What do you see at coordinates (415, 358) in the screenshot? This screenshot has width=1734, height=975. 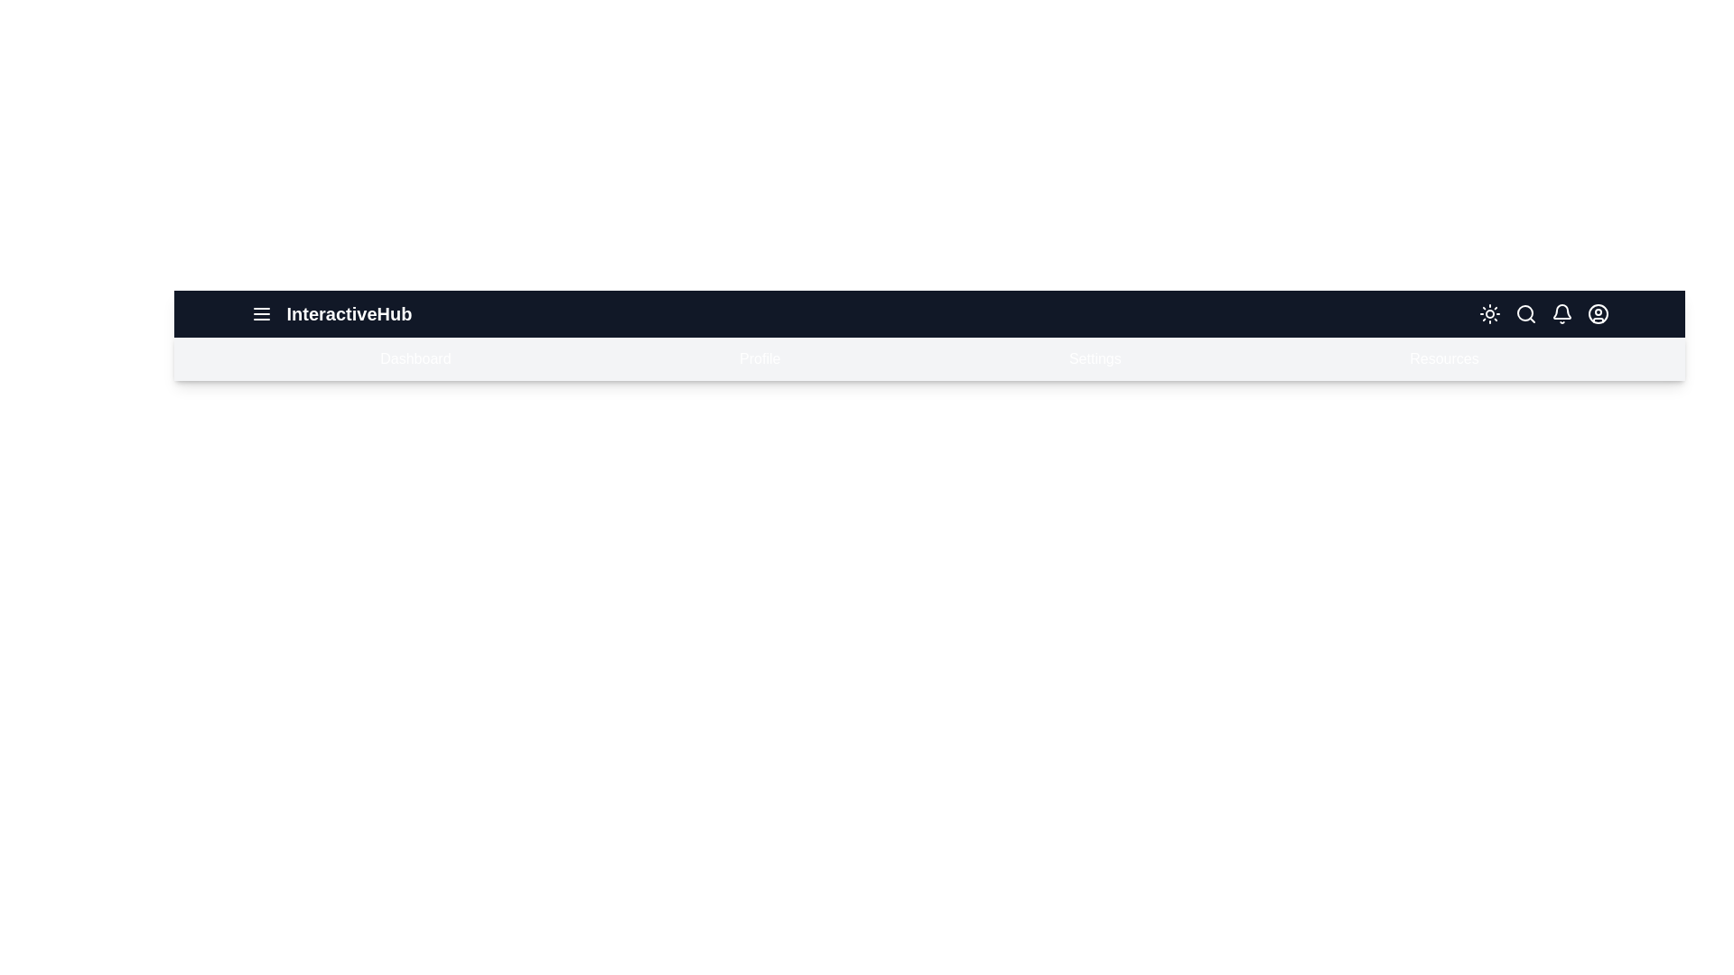 I see `the Dashboard navigation link` at bounding box center [415, 358].